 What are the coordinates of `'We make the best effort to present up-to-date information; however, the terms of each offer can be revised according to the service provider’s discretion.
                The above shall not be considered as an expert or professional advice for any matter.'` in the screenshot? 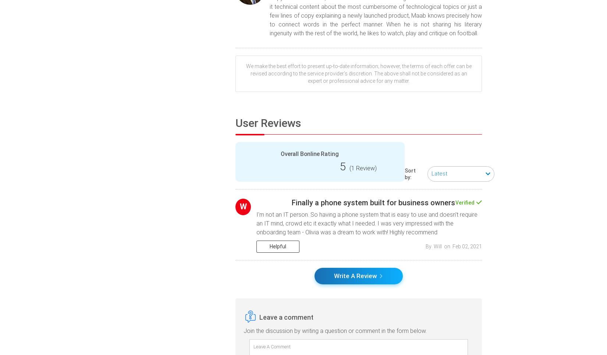 It's located at (358, 73).